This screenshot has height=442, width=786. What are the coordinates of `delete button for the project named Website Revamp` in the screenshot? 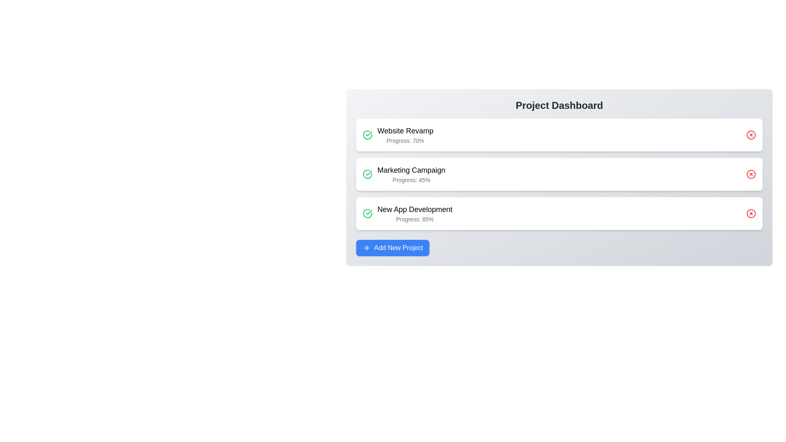 It's located at (751, 135).